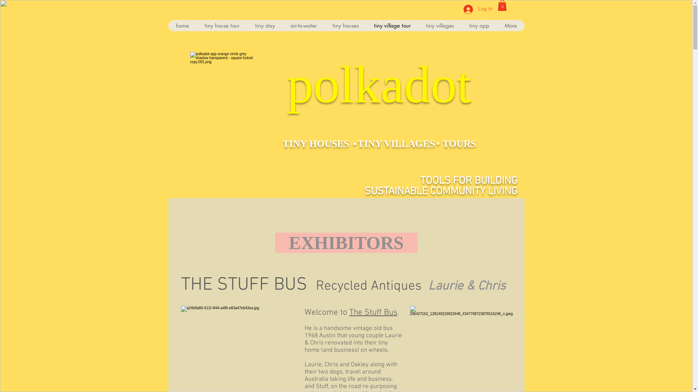 The image size is (698, 392). I want to click on 'tiny stay', so click(264, 25).